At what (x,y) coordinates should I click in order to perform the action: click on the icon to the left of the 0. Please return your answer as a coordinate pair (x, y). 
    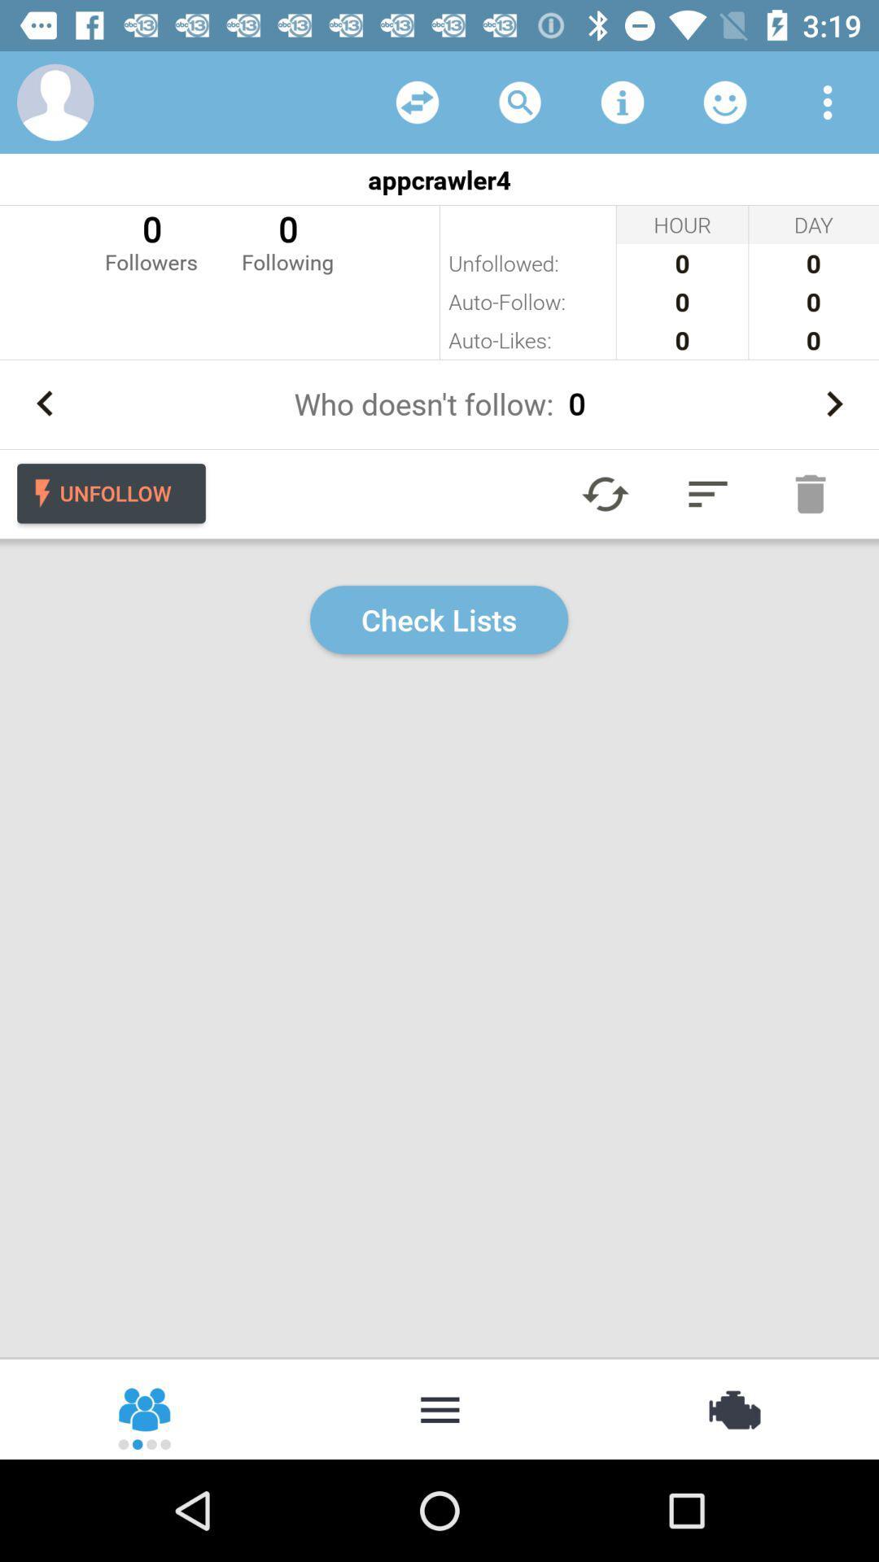
    Looking at the image, I should click on (151, 240).